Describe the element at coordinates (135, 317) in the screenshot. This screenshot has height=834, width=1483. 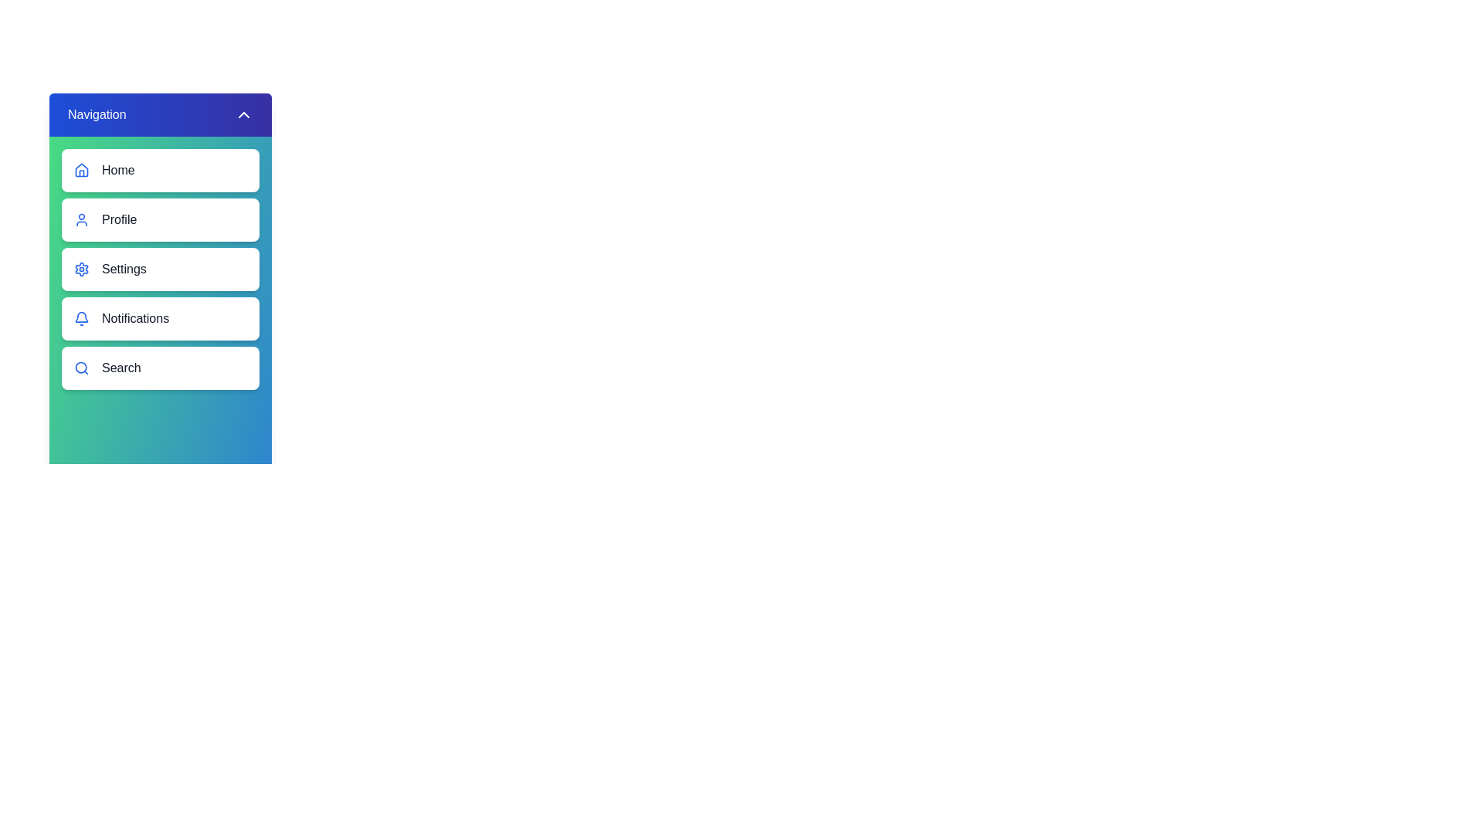
I see `the 'Notifications' text label in the navigation menu, which is the fourth entry after 'Home,' 'Profile,' and 'Settings.'` at that location.